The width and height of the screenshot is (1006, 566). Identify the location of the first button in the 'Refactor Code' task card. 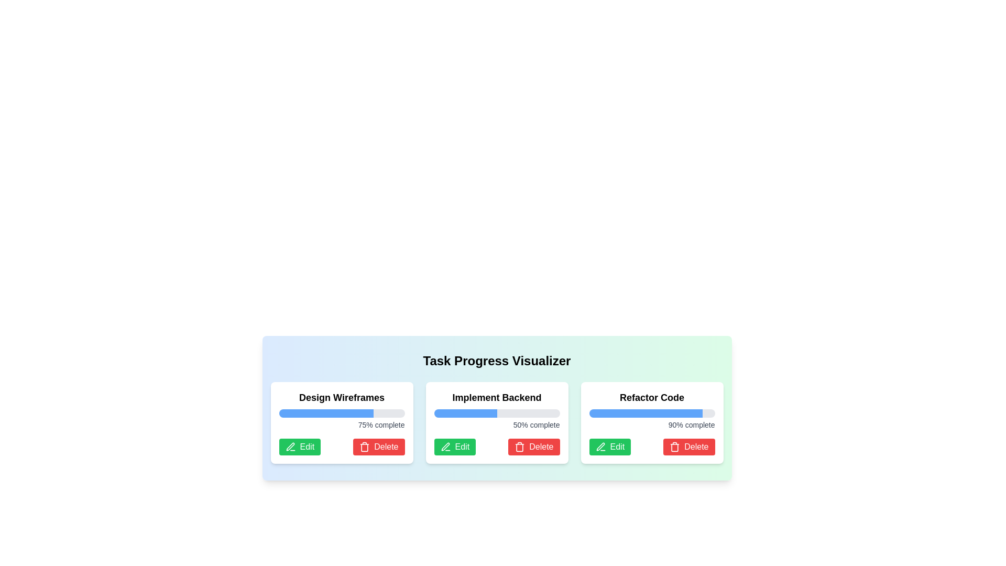
(610, 447).